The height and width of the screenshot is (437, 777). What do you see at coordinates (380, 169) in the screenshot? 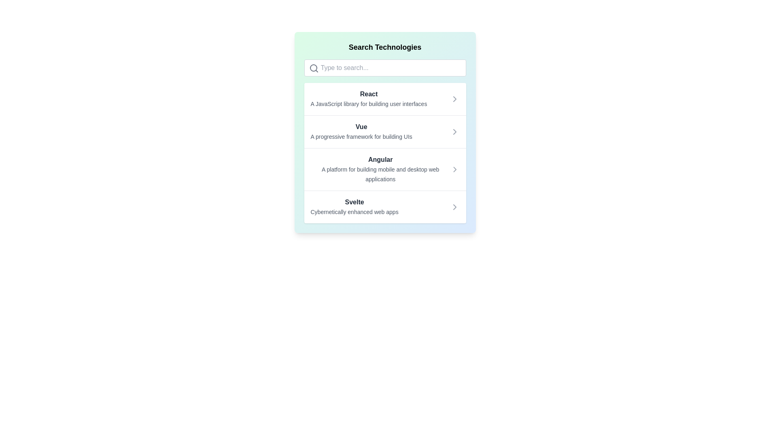
I see `the third list item containing text information about the Angular framework, located within the 'Search Technologies' card` at bounding box center [380, 169].